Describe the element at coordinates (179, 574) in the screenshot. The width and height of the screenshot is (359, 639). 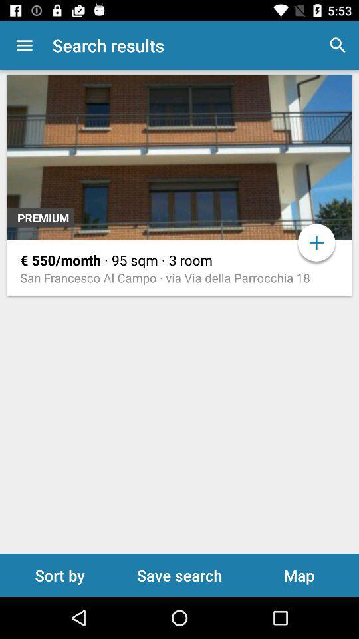
I see `icon next to sort by item` at that location.